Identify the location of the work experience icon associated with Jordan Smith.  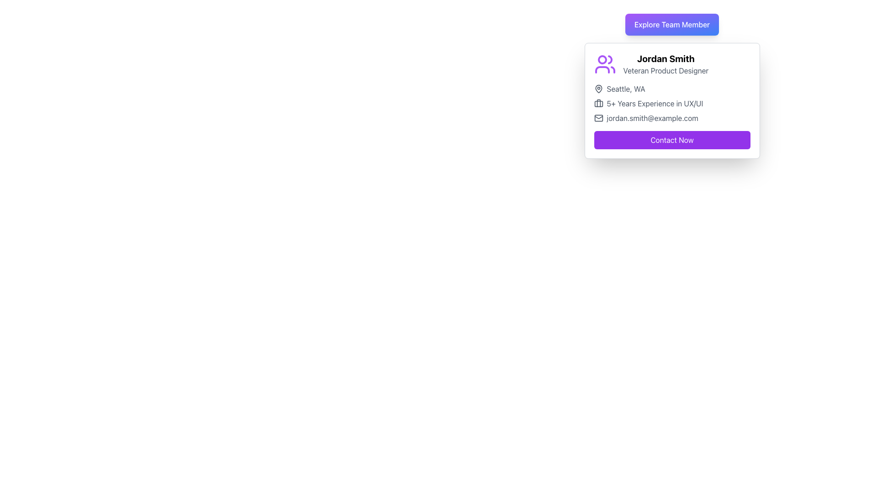
(598, 103).